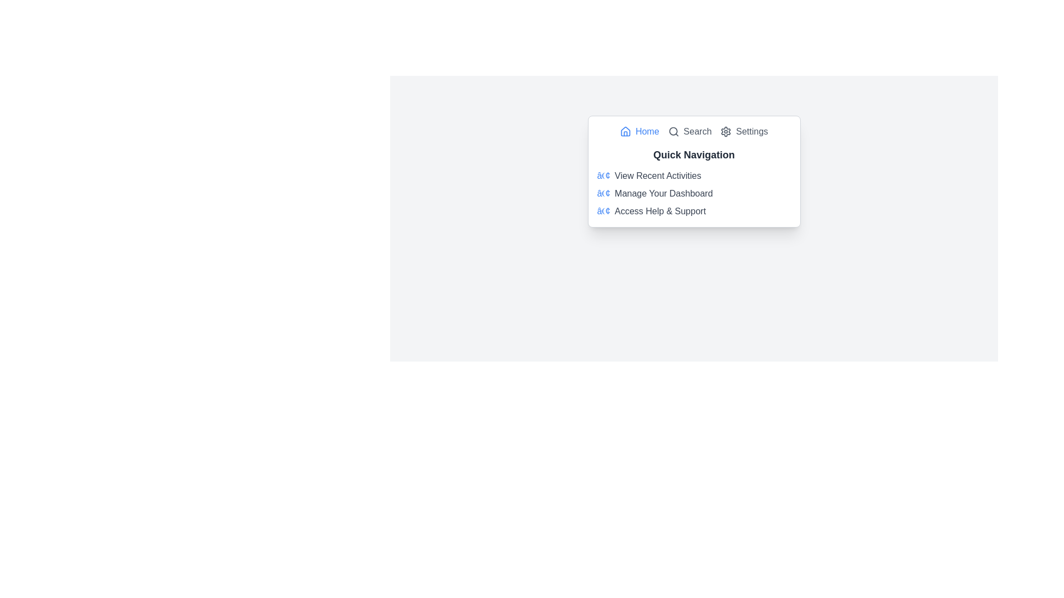 The height and width of the screenshot is (598, 1064). Describe the element at coordinates (658, 175) in the screenshot. I see `the first static text label in the vertical list of navigation options under the 'Quick Navigation' title` at that location.